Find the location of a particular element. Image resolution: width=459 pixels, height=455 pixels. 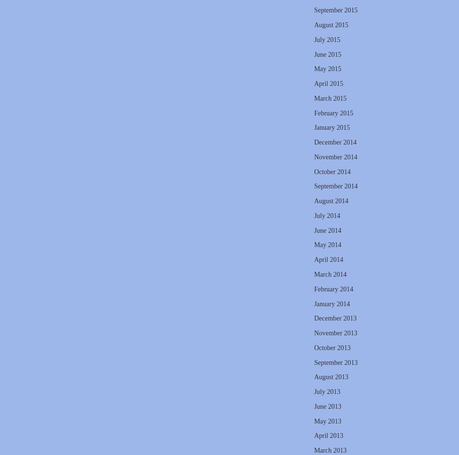

'February 2014' is located at coordinates (333, 288).